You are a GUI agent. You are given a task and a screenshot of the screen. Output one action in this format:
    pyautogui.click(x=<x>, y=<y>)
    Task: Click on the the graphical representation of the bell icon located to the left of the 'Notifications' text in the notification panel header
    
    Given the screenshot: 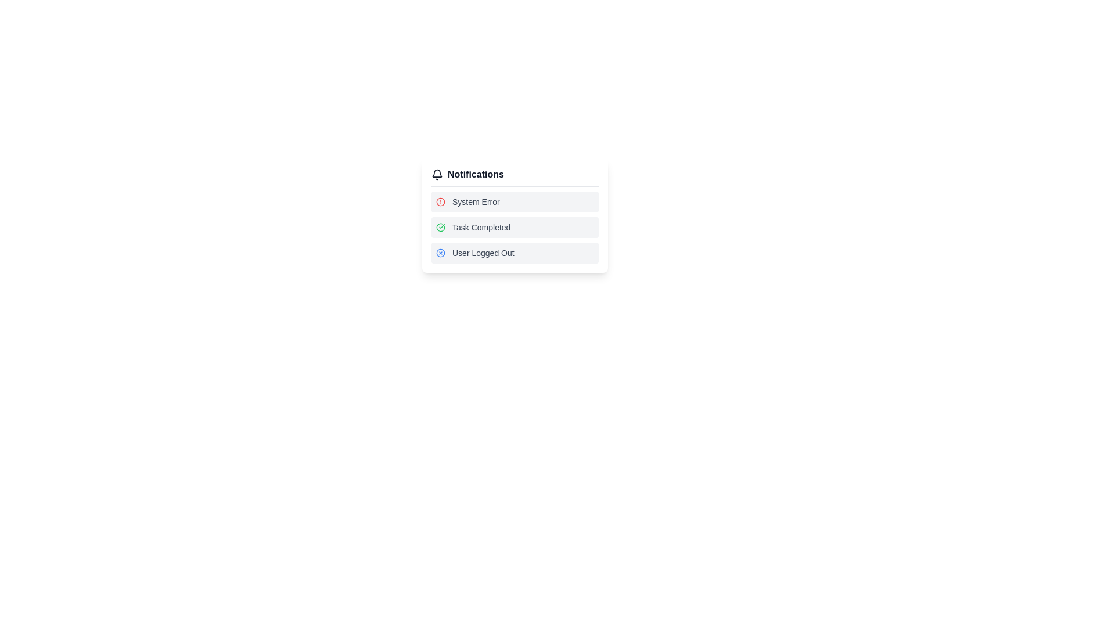 What is the action you would take?
    pyautogui.click(x=437, y=174)
    